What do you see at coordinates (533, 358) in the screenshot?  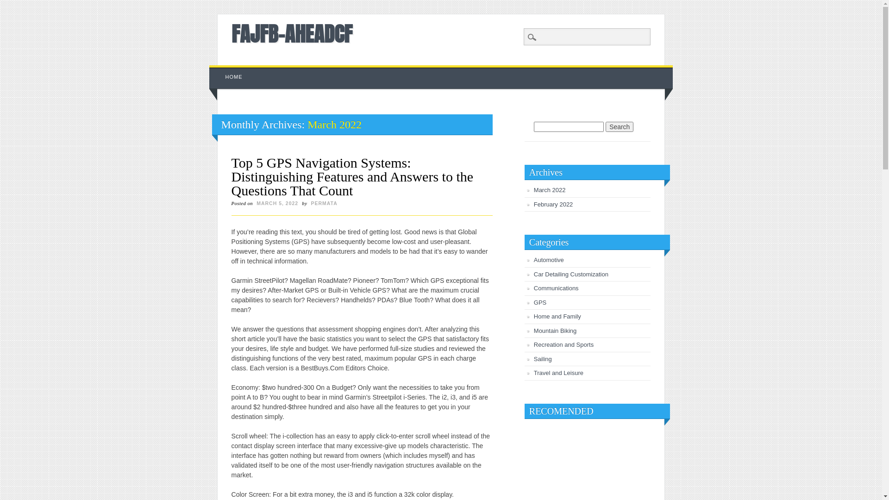 I see `'Sailing'` at bounding box center [533, 358].